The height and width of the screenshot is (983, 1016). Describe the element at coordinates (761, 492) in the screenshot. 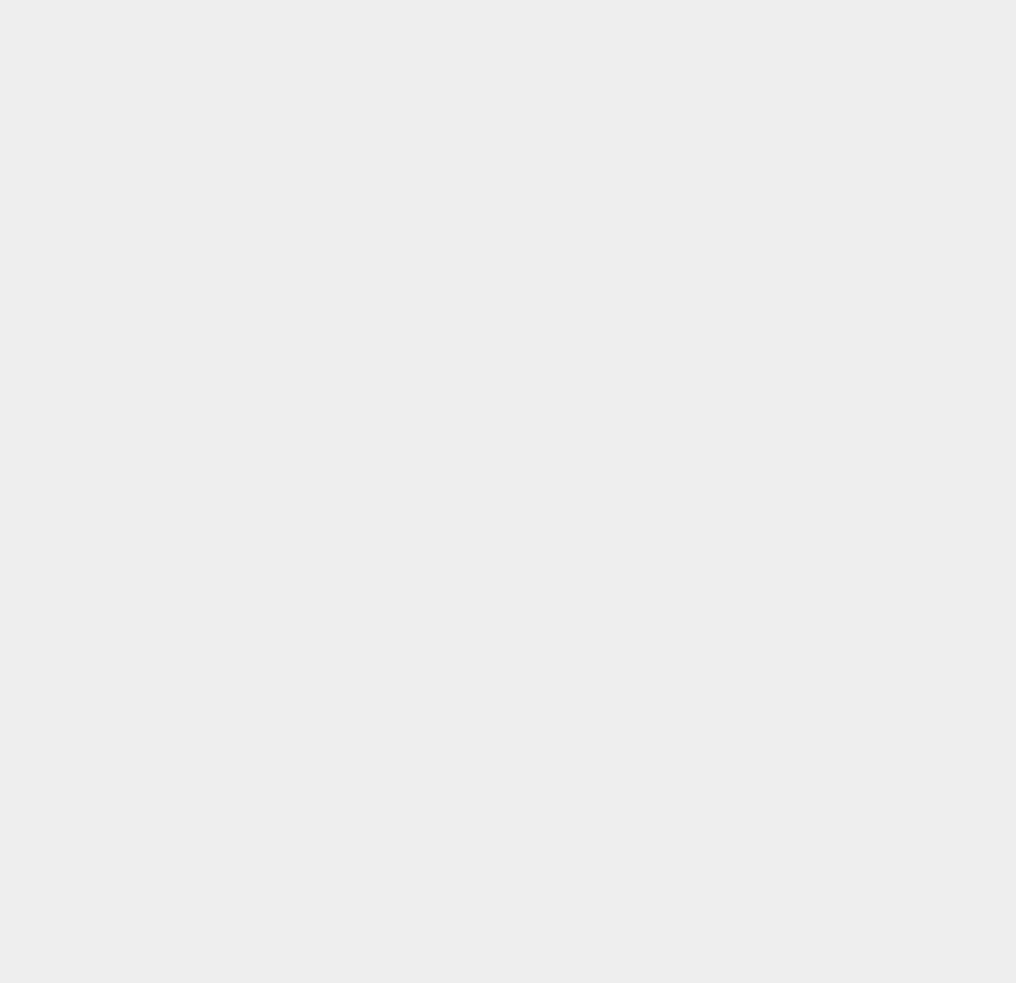

I see `'Amazon Tablet'` at that location.